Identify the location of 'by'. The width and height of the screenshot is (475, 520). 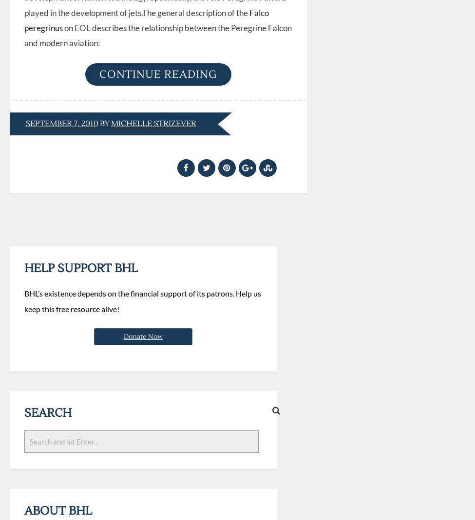
(104, 123).